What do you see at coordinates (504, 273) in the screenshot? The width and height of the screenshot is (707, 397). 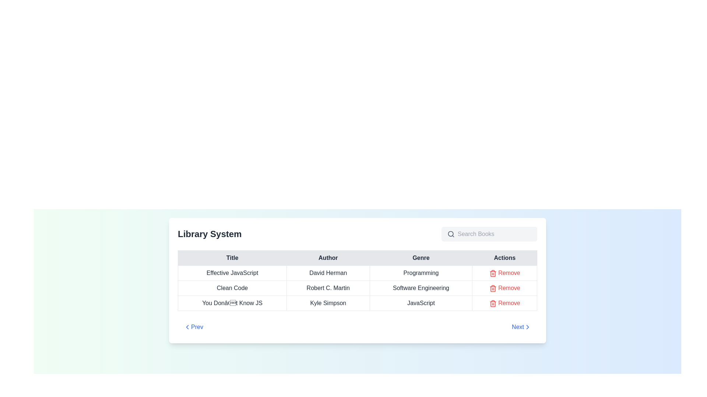 I see `the 'Remove' button` at bounding box center [504, 273].